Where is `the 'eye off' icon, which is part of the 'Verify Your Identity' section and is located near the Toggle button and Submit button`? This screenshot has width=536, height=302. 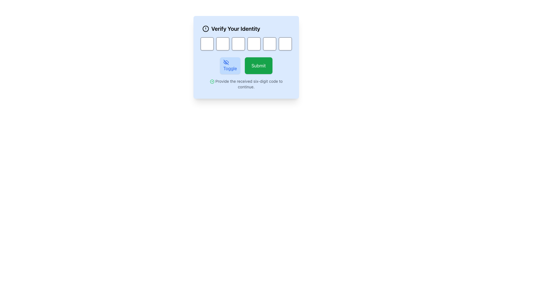
the 'eye off' icon, which is part of the 'Verify Your Identity' section and is located near the Toggle button and Submit button is located at coordinates (226, 62).